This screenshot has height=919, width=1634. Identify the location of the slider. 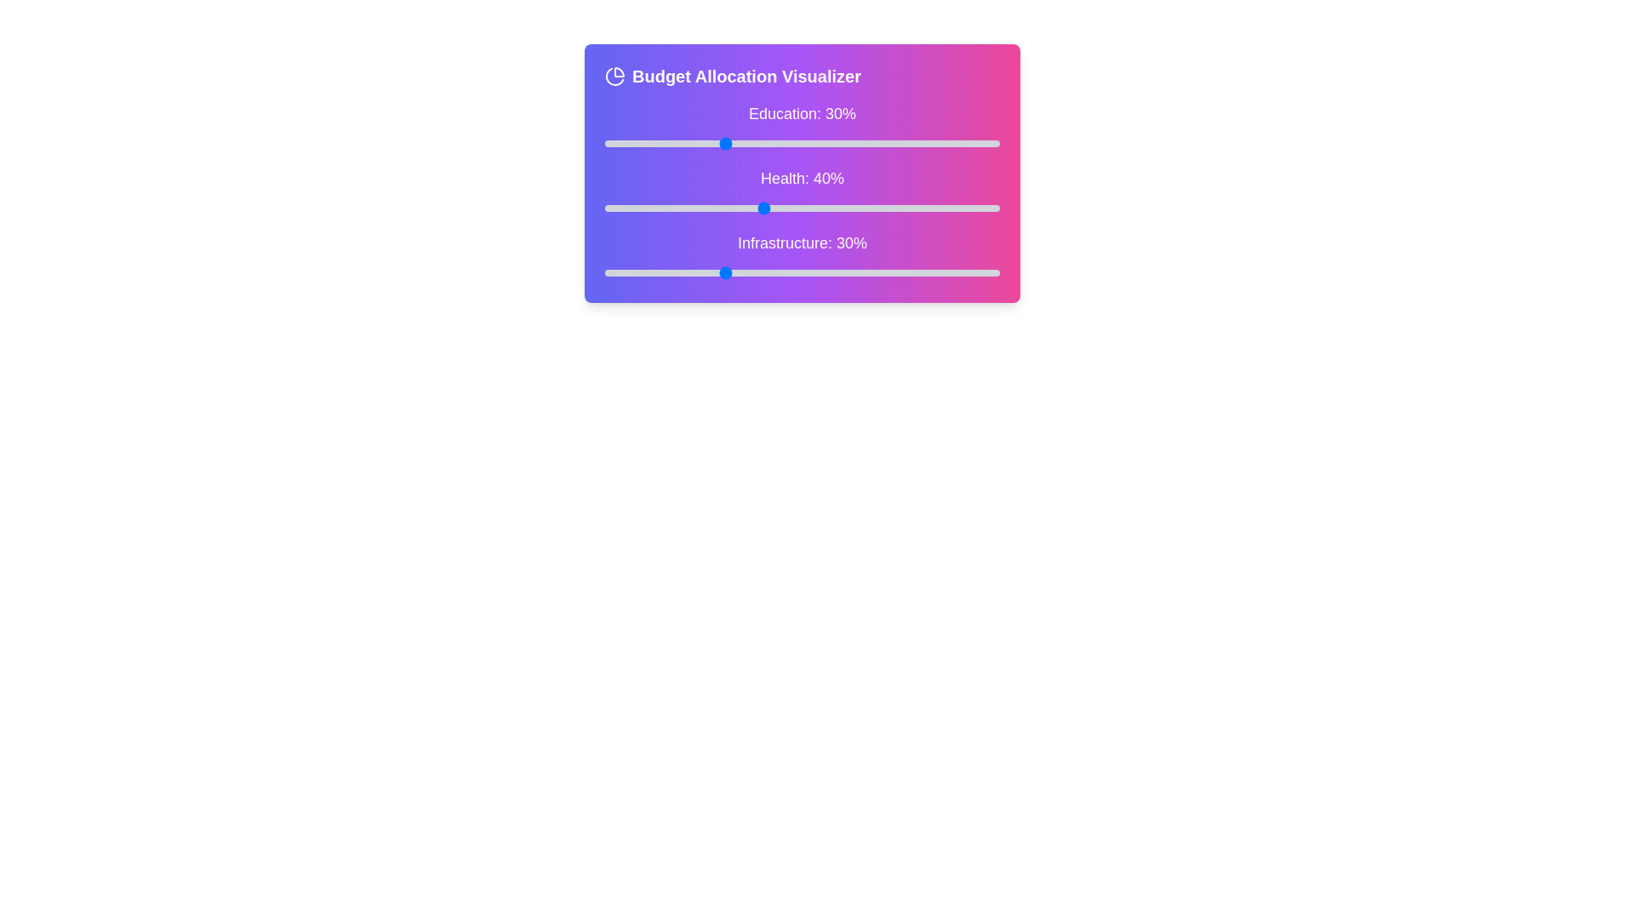
(935, 271).